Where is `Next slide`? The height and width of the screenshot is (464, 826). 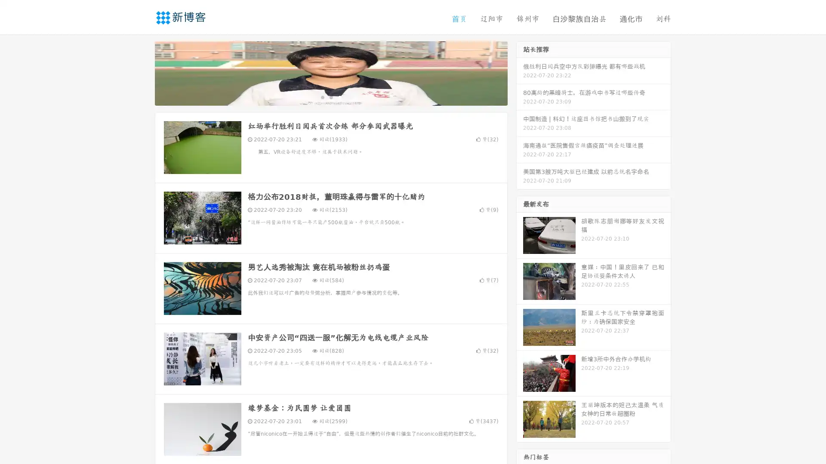
Next slide is located at coordinates (520, 72).